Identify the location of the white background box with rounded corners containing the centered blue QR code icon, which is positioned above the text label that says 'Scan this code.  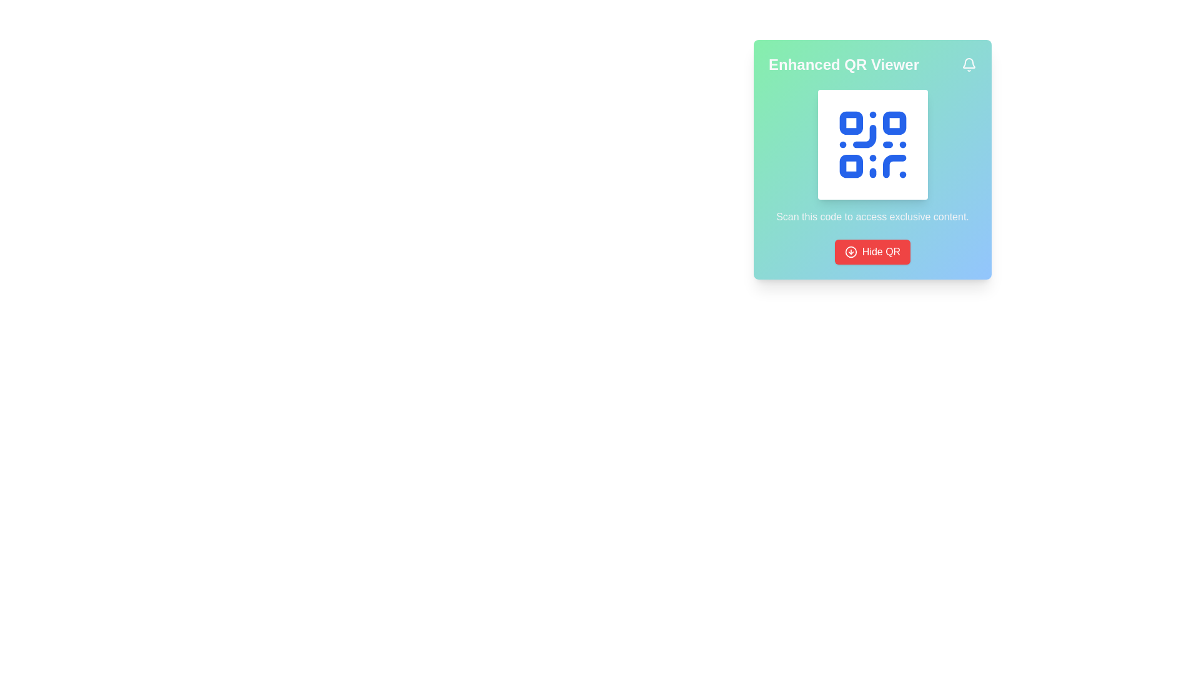
(872, 144).